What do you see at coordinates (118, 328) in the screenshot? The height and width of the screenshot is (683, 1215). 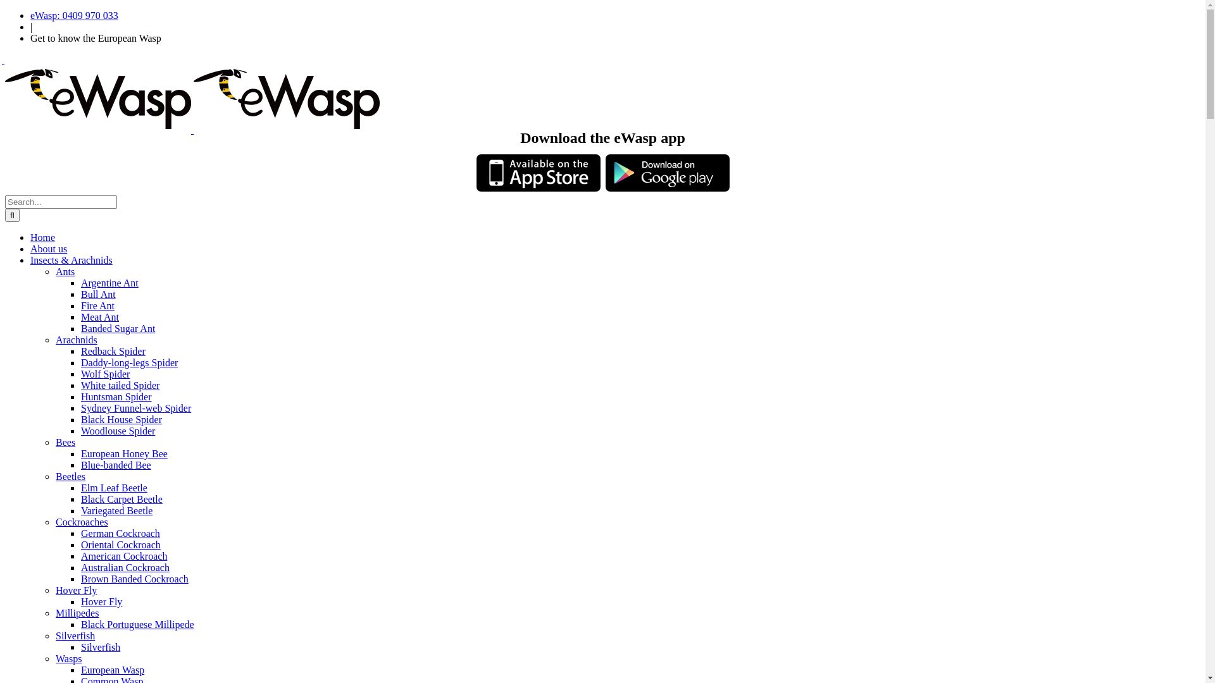 I see `'Banded Sugar Ant'` at bounding box center [118, 328].